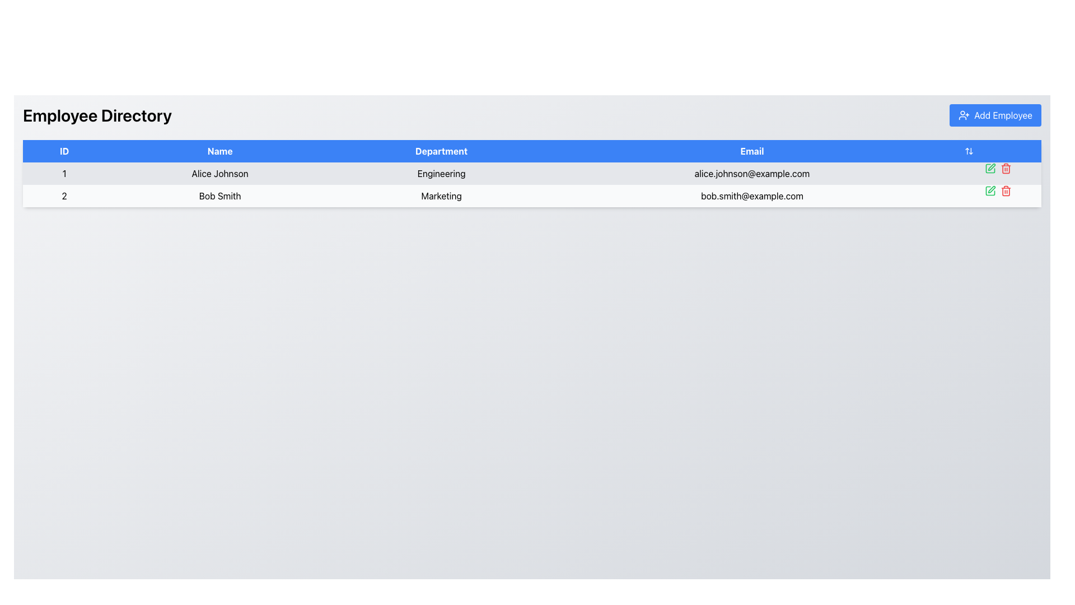  I want to click on the table cell containing the digit '1' in the 'ID' column, which is located in the first row of the table and directly above the name 'Alice Johnson', so click(64, 173).